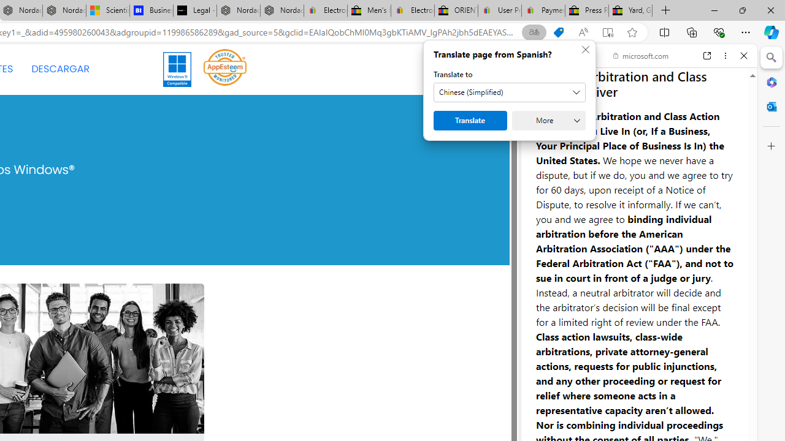 The image size is (785, 441). I want to click on 'App Esteem', so click(225, 69).